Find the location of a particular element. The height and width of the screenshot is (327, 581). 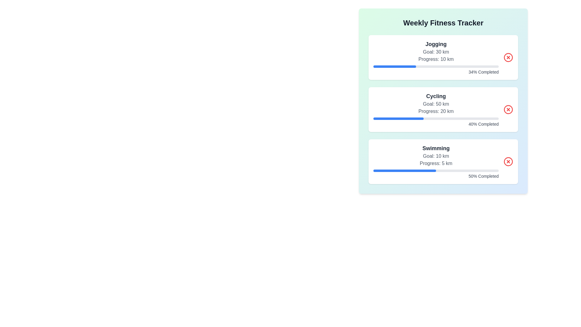

the text label displaying 'Goal: 10 km' which is styled in a gray font and located below the title 'Swimming' in the fitness tracker interface is located at coordinates (436, 156).